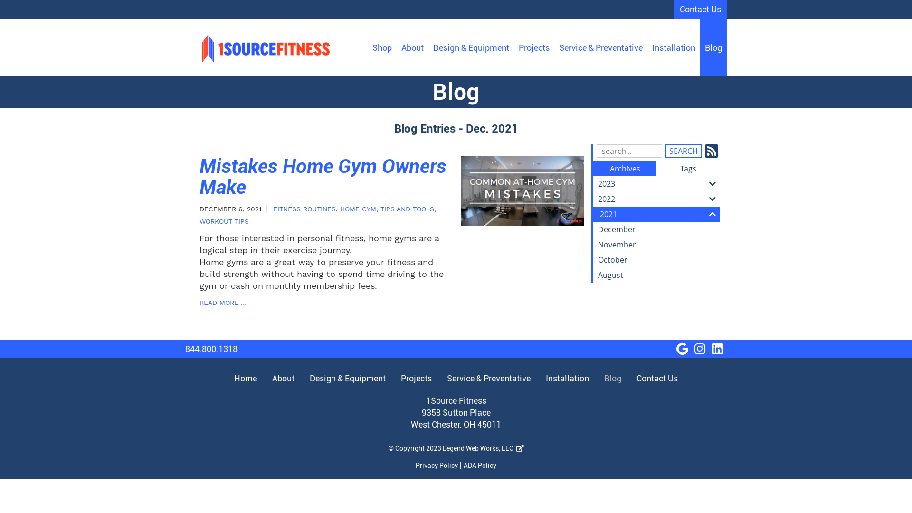 The height and width of the screenshot is (513, 912). I want to click on '844.800.1318', so click(211, 349).